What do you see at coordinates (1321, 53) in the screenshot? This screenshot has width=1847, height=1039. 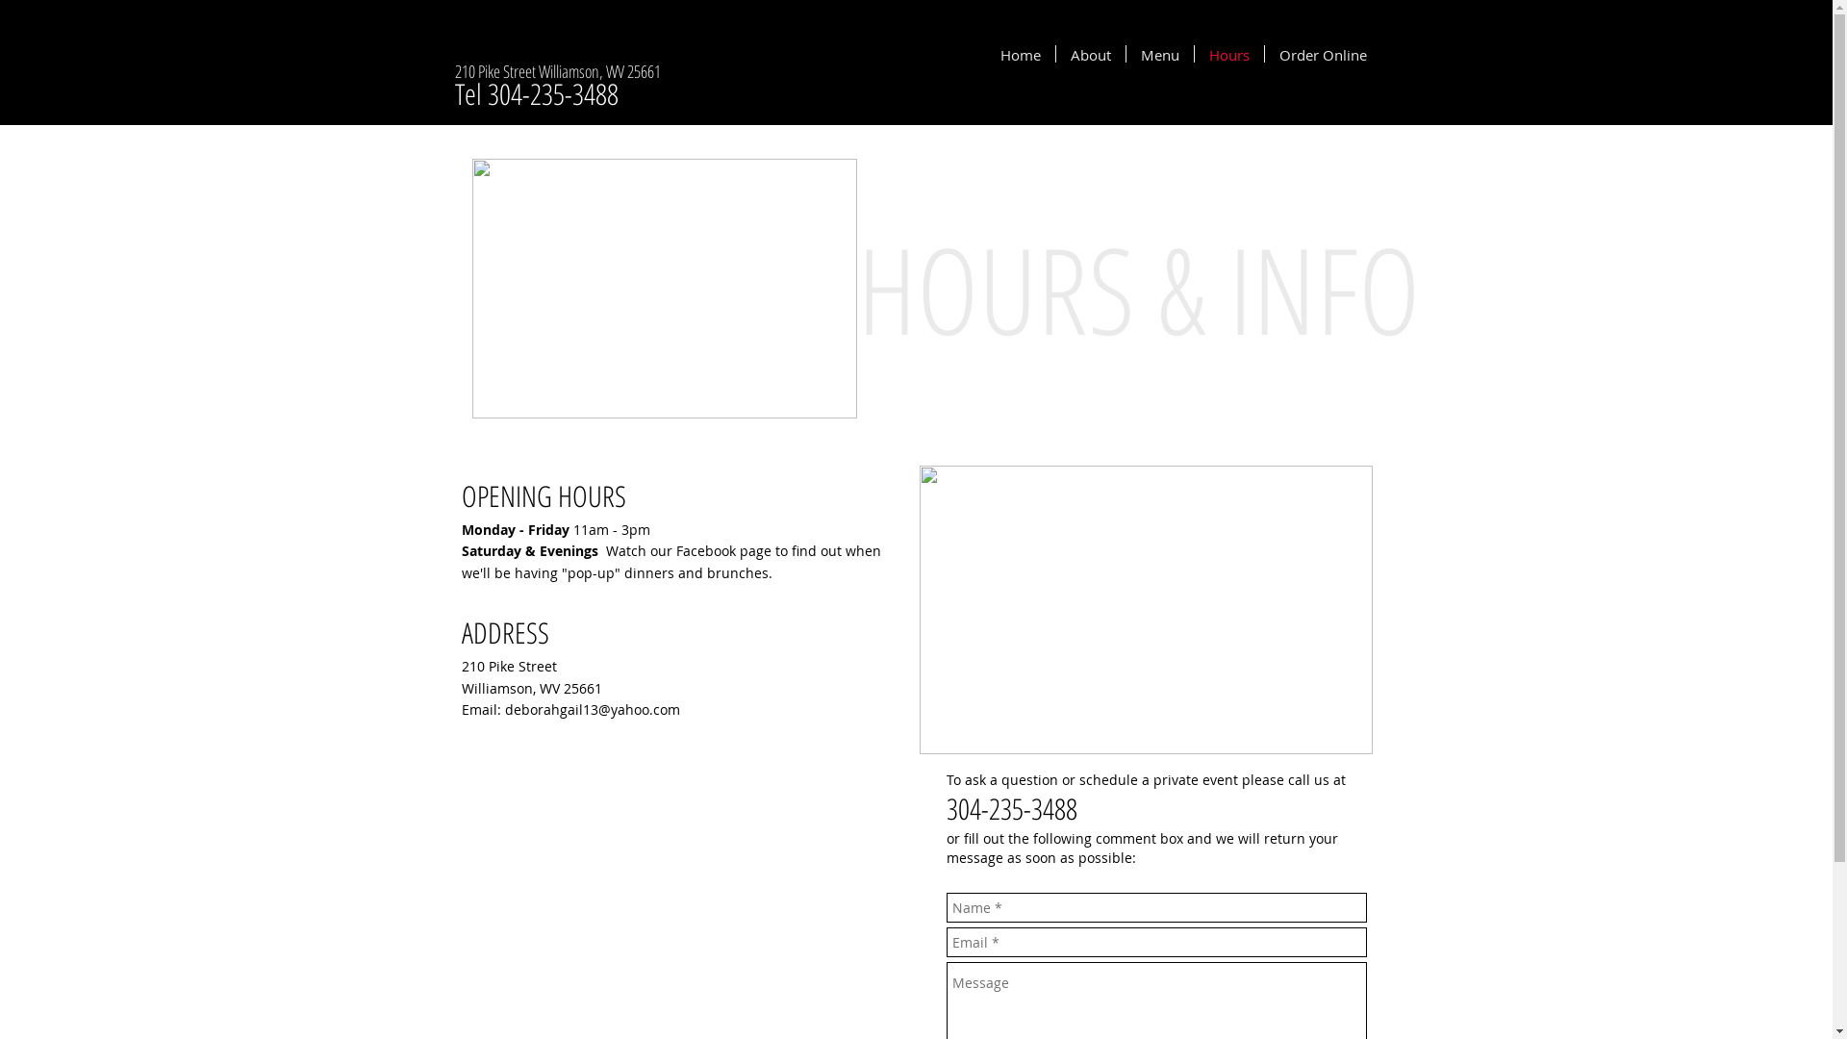 I see `'Order Online'` at bounding box center [1321, 53].